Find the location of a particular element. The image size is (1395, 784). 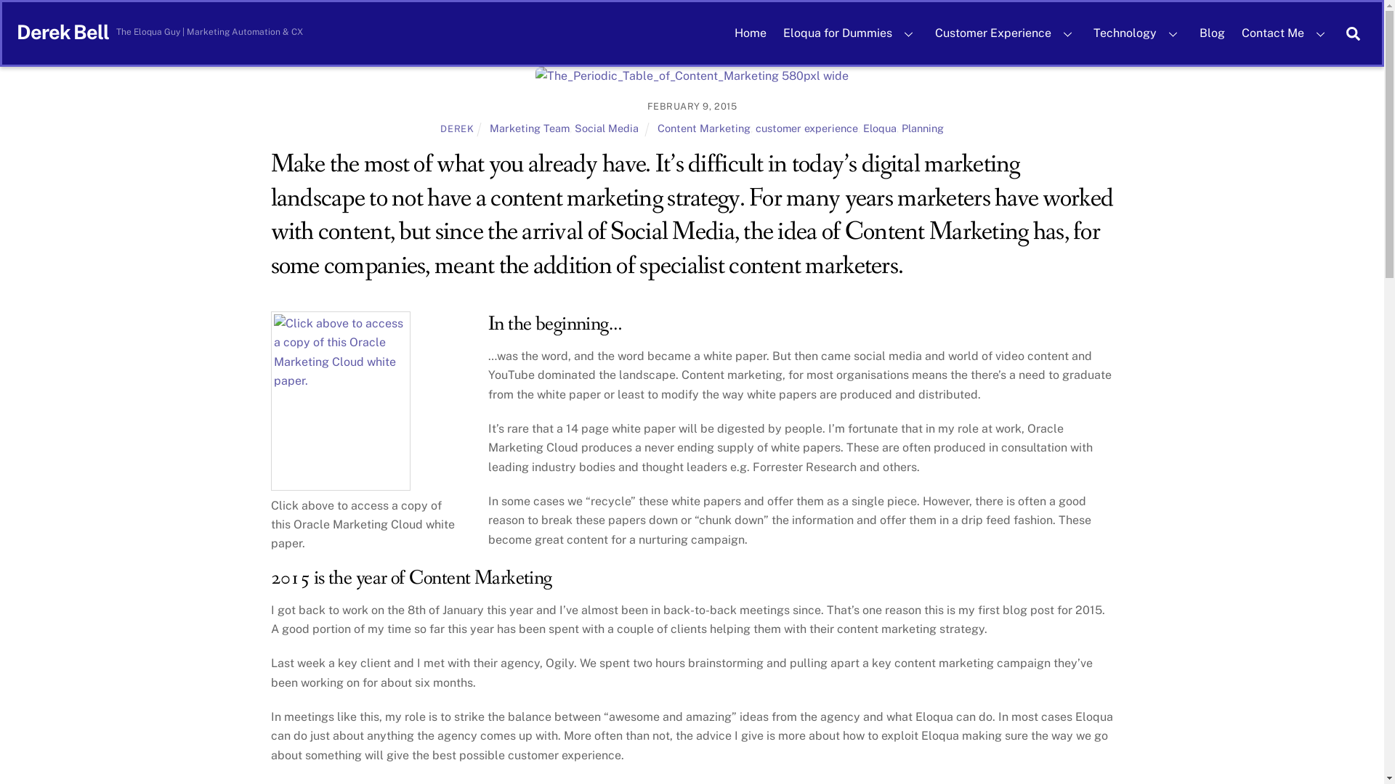

'Content Marketing' is located at coordinates (704, 127).